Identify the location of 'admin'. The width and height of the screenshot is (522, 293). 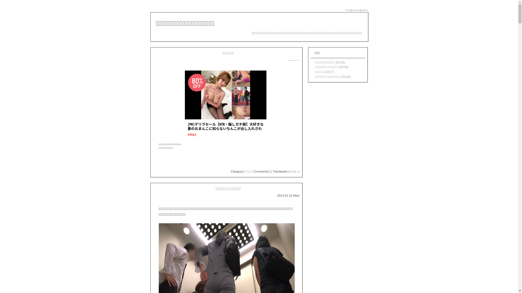
(364, 10).